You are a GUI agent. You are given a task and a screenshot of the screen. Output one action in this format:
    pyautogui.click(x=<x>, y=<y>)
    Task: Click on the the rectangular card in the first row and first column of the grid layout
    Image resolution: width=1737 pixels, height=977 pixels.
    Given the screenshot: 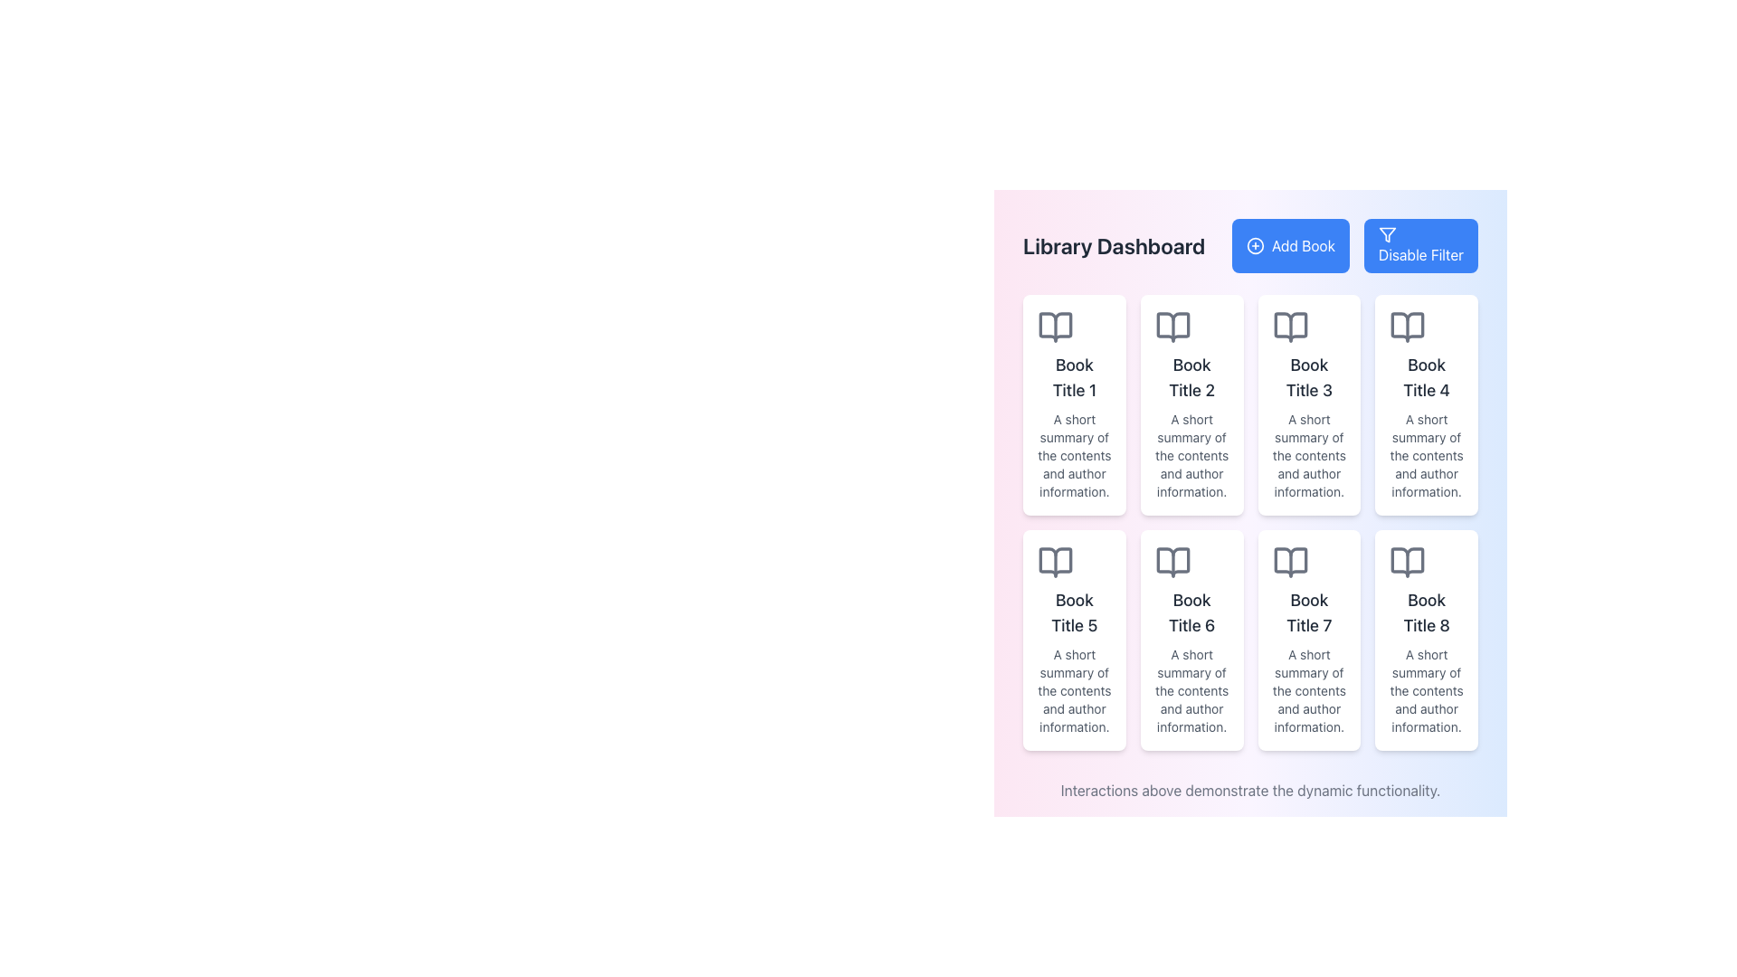 What is the action you would take?
    pyautogui.click(x=1074, y=403)
    